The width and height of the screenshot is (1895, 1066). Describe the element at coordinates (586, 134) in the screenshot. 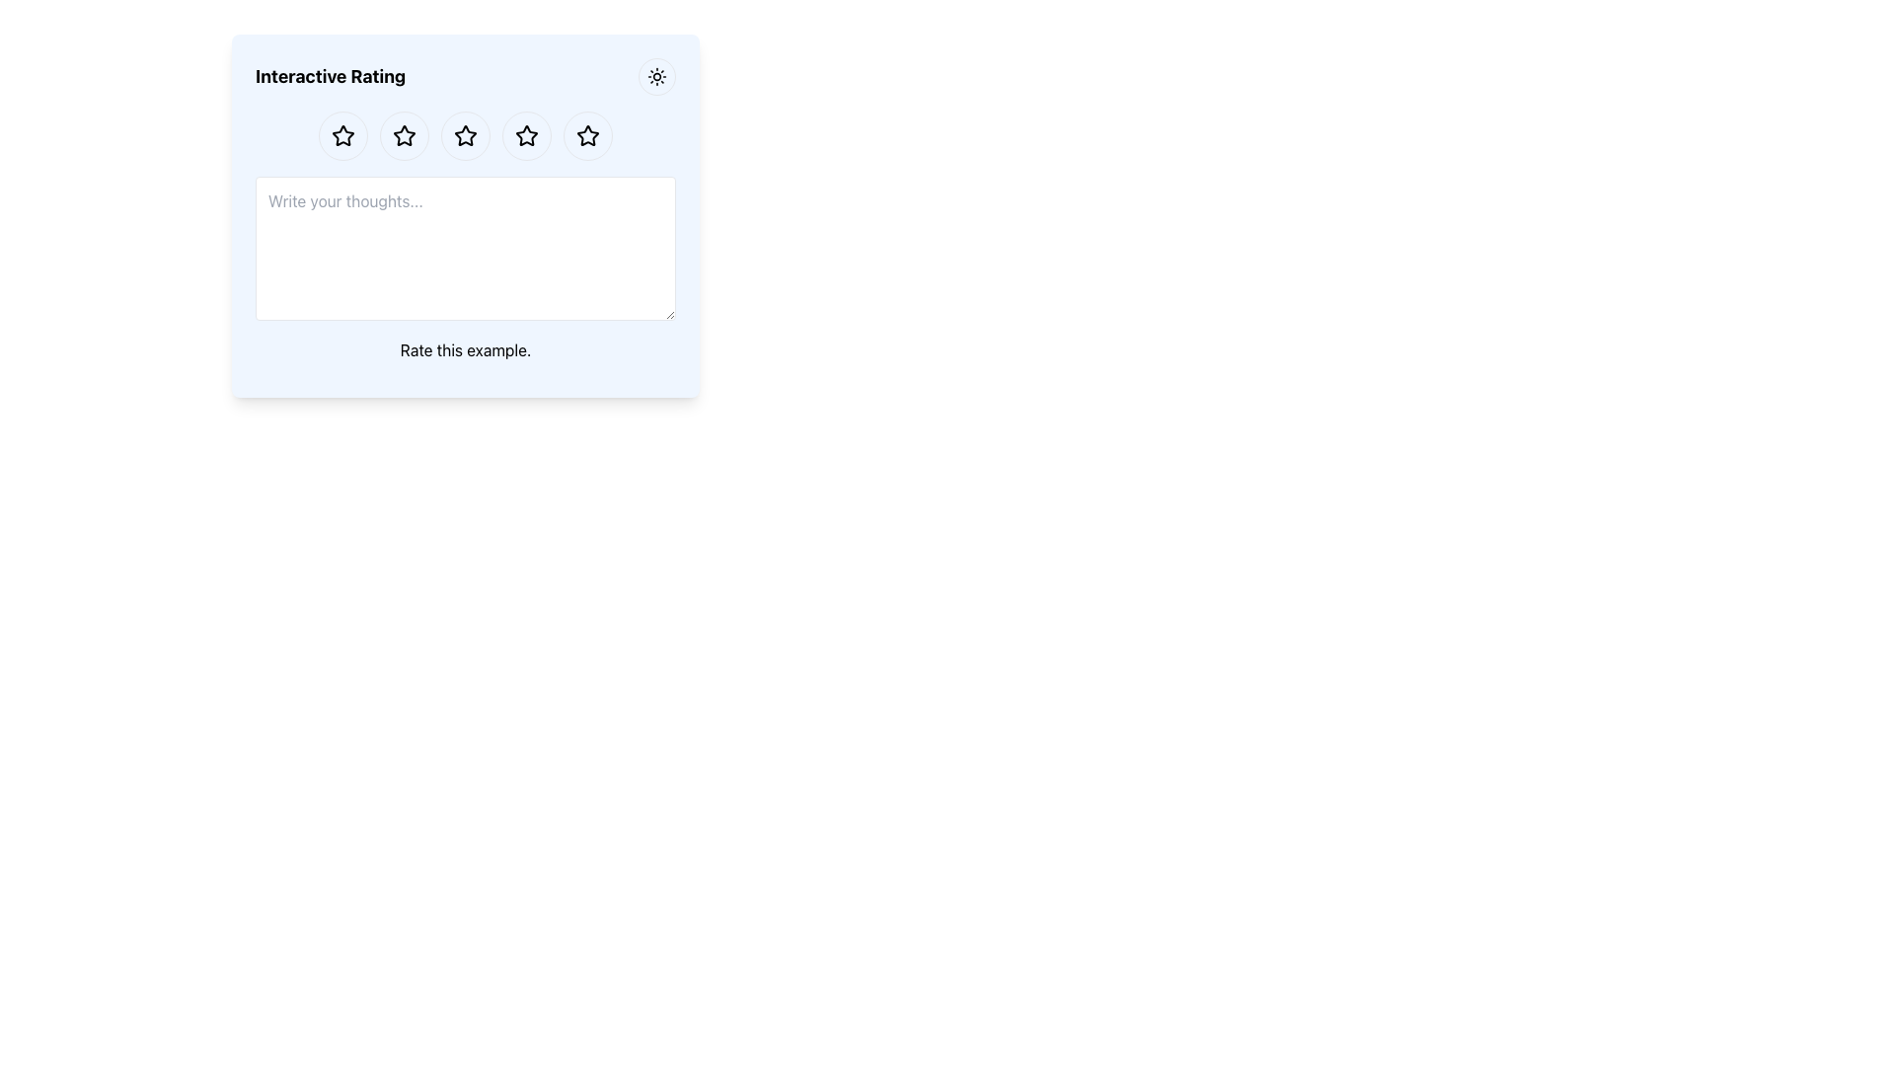

I see `on the fifth star icon in the rating system` at that location.